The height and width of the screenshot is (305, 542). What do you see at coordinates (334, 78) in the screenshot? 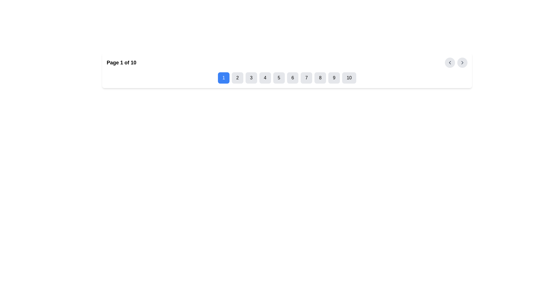
I see `the button labeled '9' in the pagination controls` at bounding box center [334, 78].